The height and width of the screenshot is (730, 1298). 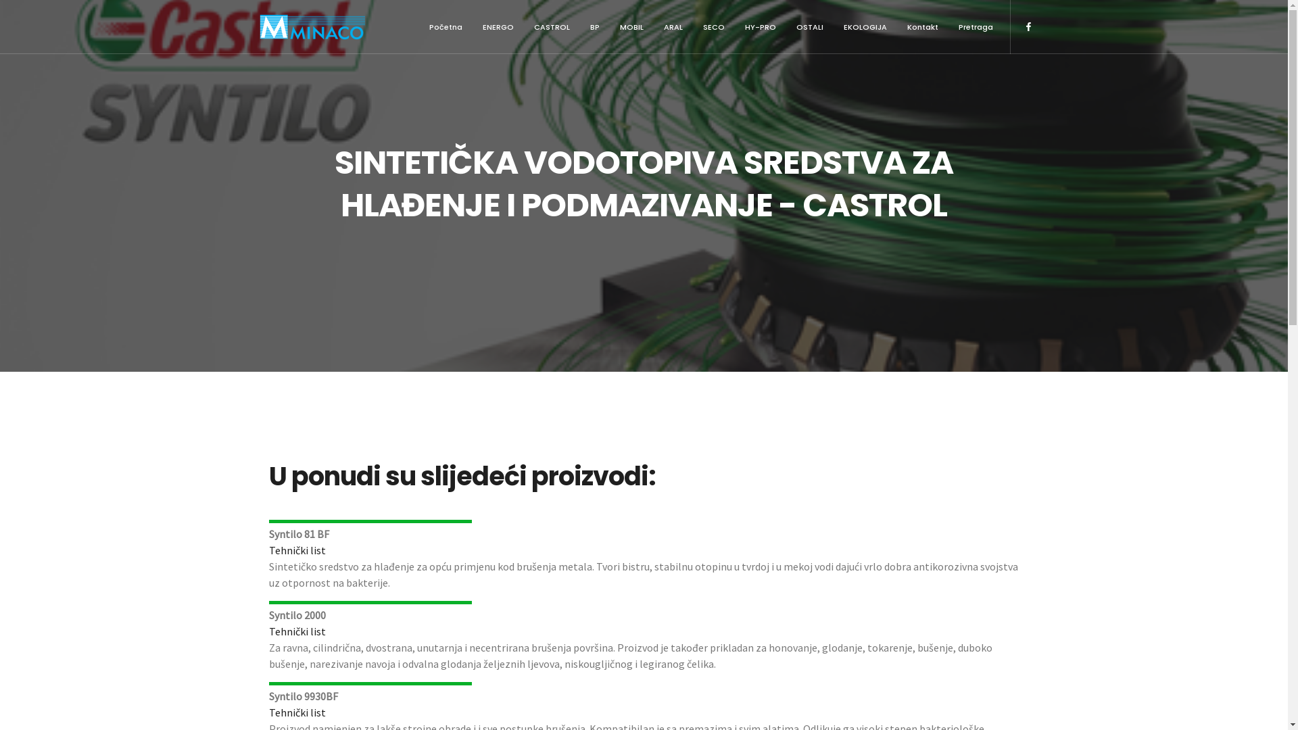 I want to click on 'SECO', so click(x=713, y=26).